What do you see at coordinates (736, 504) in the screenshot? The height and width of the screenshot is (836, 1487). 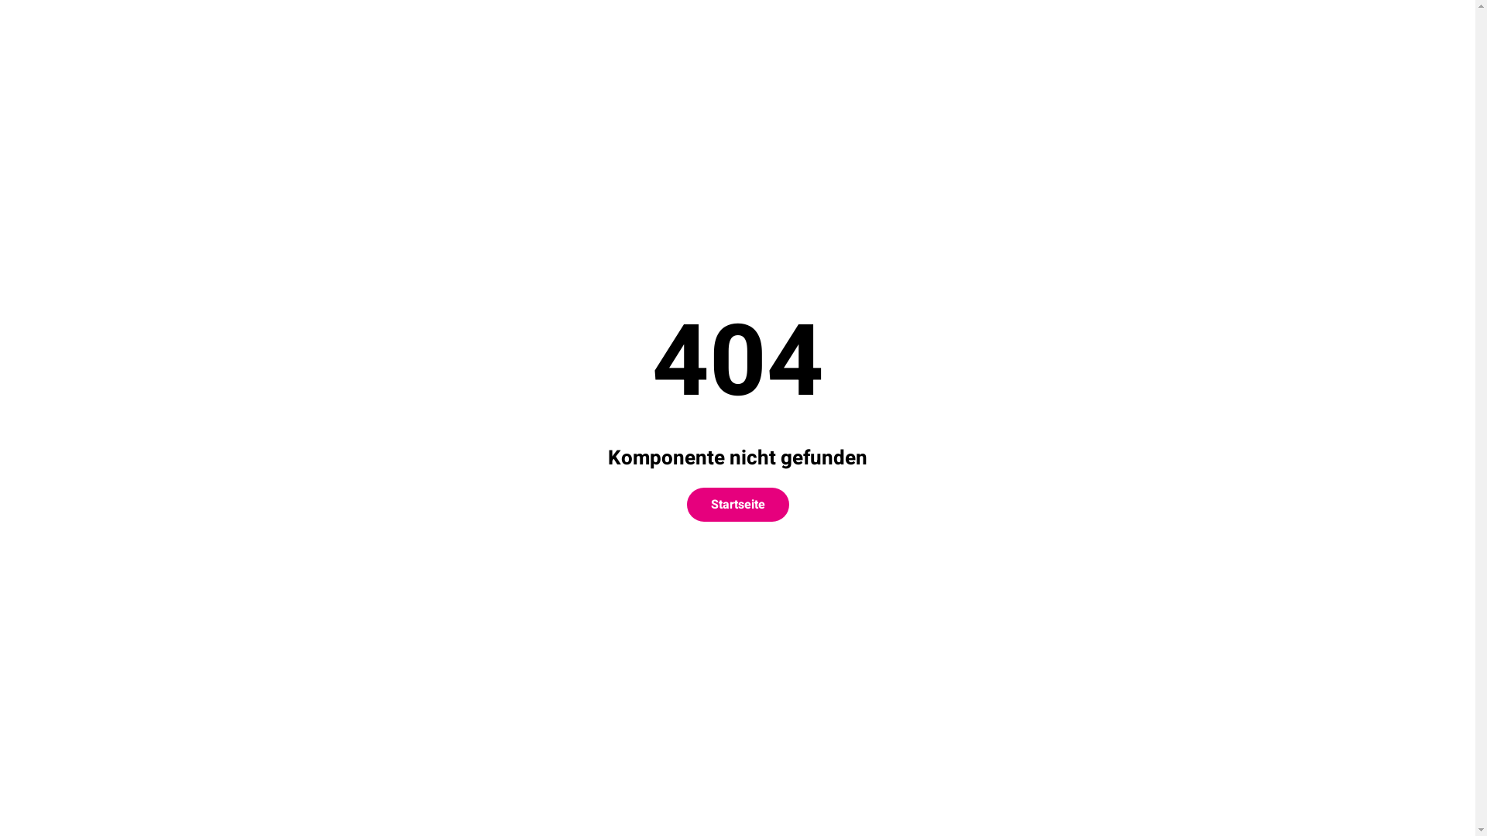 I see `'Startseite'` at bounding box center [736, 504].